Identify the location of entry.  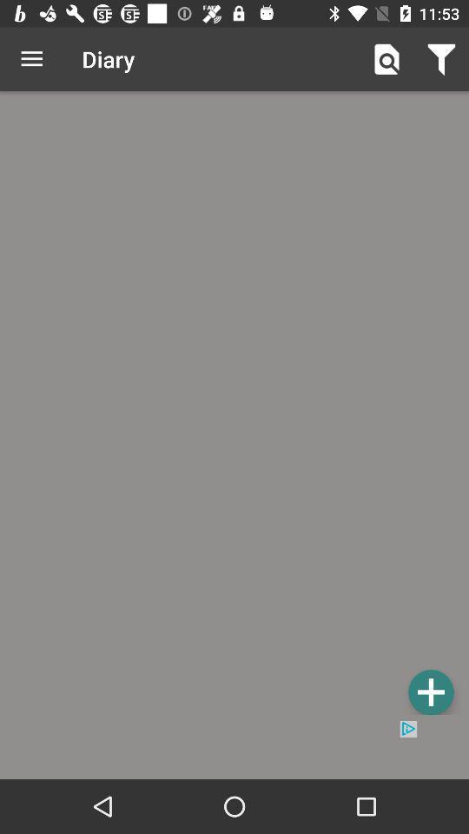
(234, 406).